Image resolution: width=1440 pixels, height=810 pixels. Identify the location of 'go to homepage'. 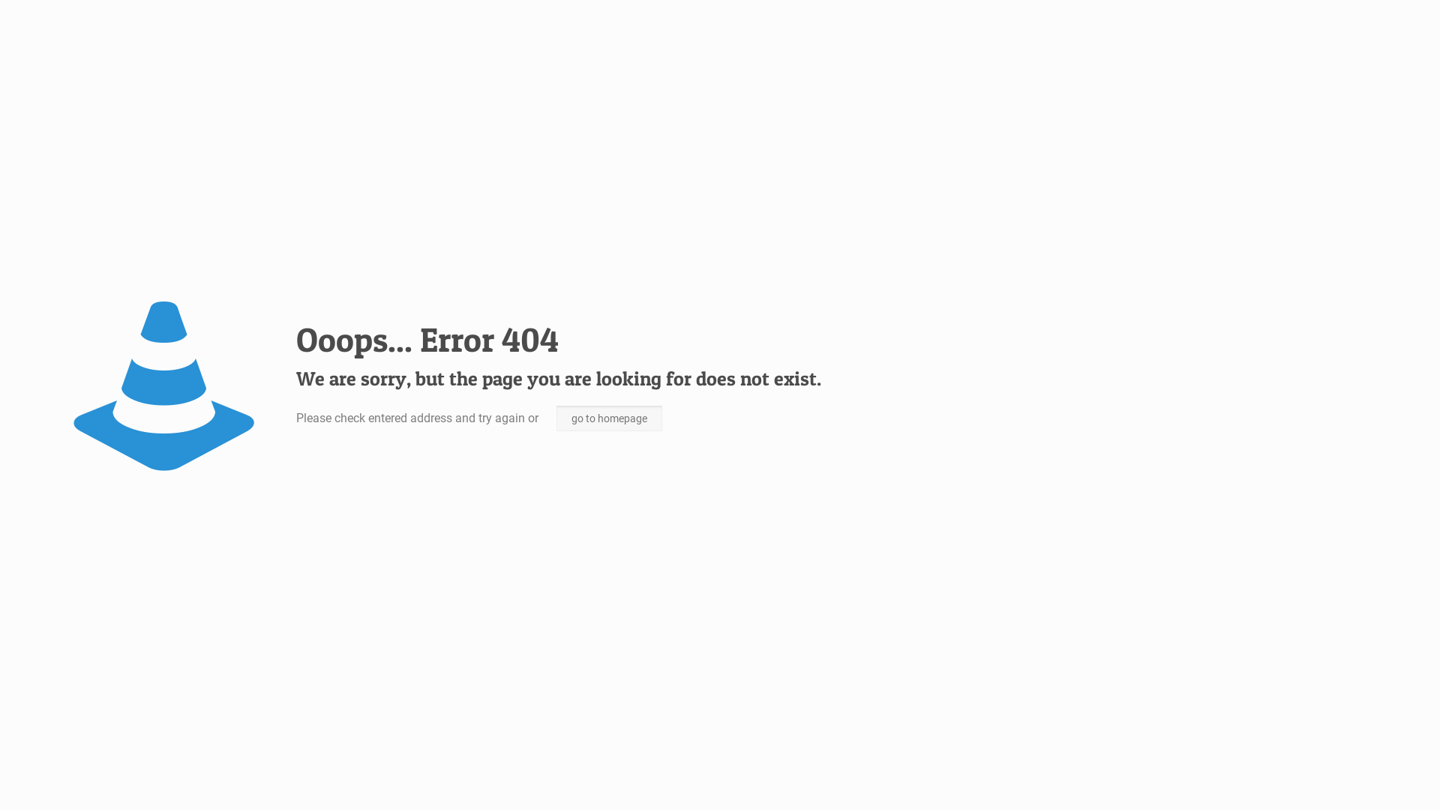
(556, 418).